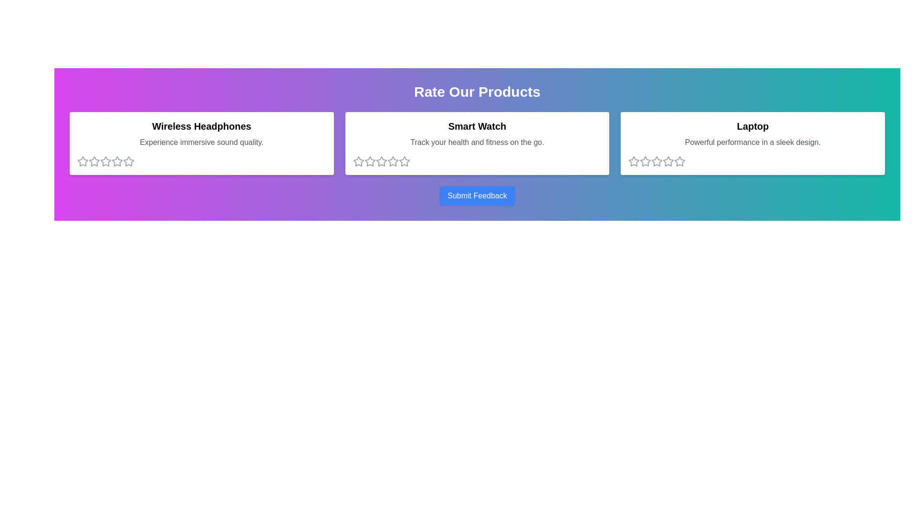 The image size is (916, 515). I want to click on the 1 star for the product Smart Watch to set its rating, so click(357, 161).